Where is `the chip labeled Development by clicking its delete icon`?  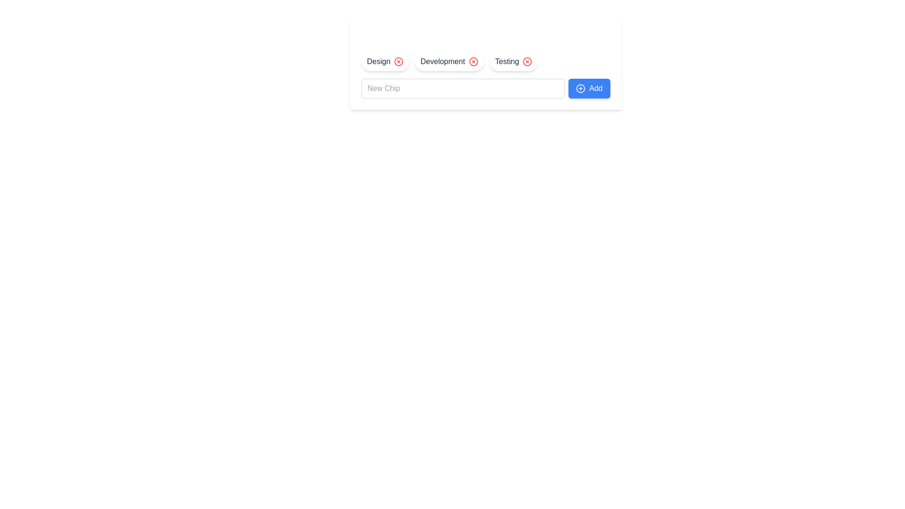 the chip labeled Development by clicking its delete icon is located at coordinates (473, 62).